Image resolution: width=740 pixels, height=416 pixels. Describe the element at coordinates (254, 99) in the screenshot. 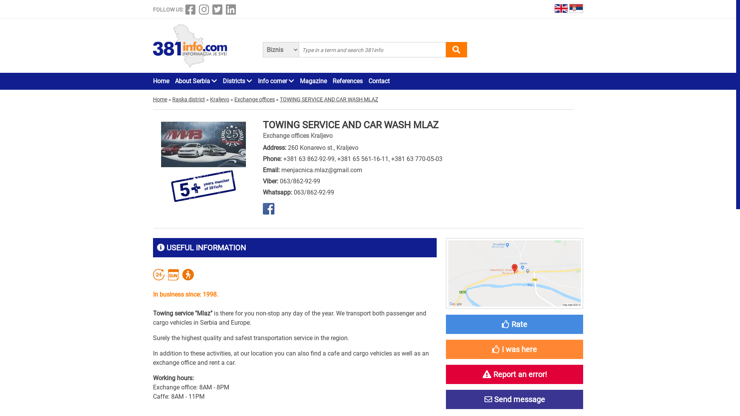

I see `'Exchange offices'` at that location.